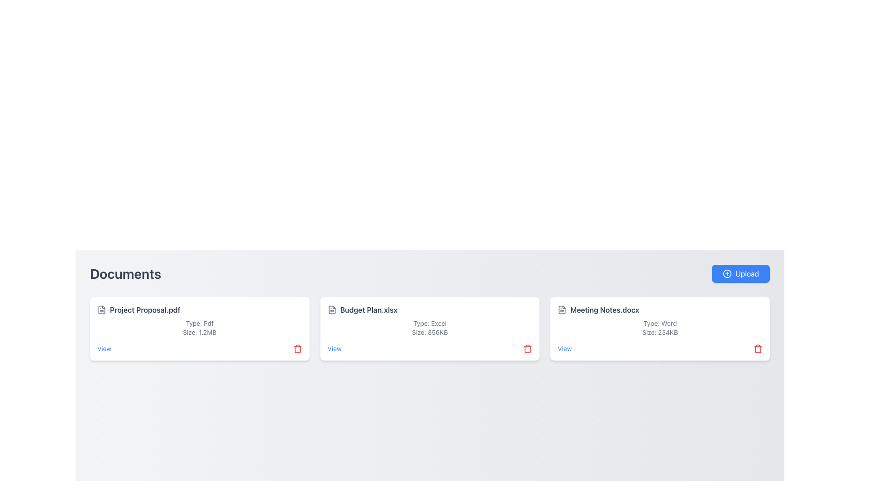 The height and width of the screenshot is (488, 869). Describe the element at coordinates (430, 323) in the screenshot. I see `text label displaying 'Type: Excel' located below 'Budget Plan.xlsx' and above 'Size: 856KB' in the central document card of the interface` at that location.